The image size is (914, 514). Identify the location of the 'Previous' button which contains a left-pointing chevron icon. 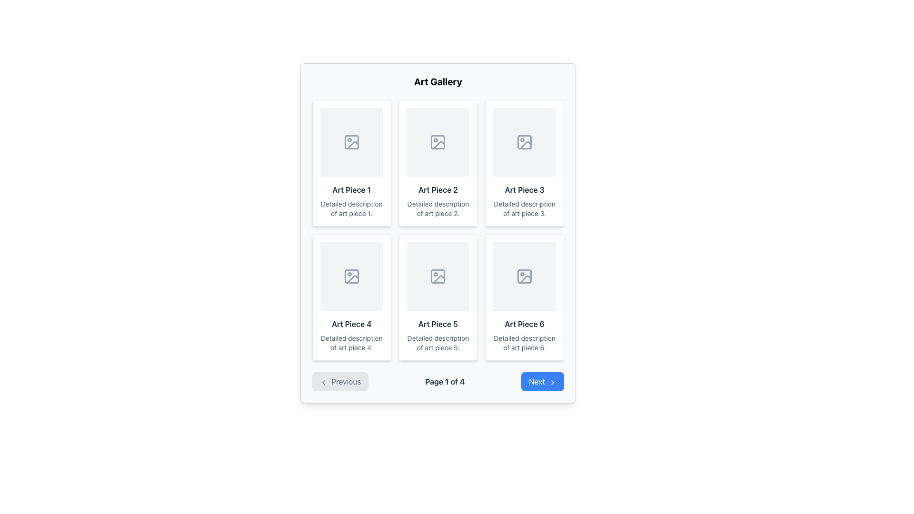
(324, 381).